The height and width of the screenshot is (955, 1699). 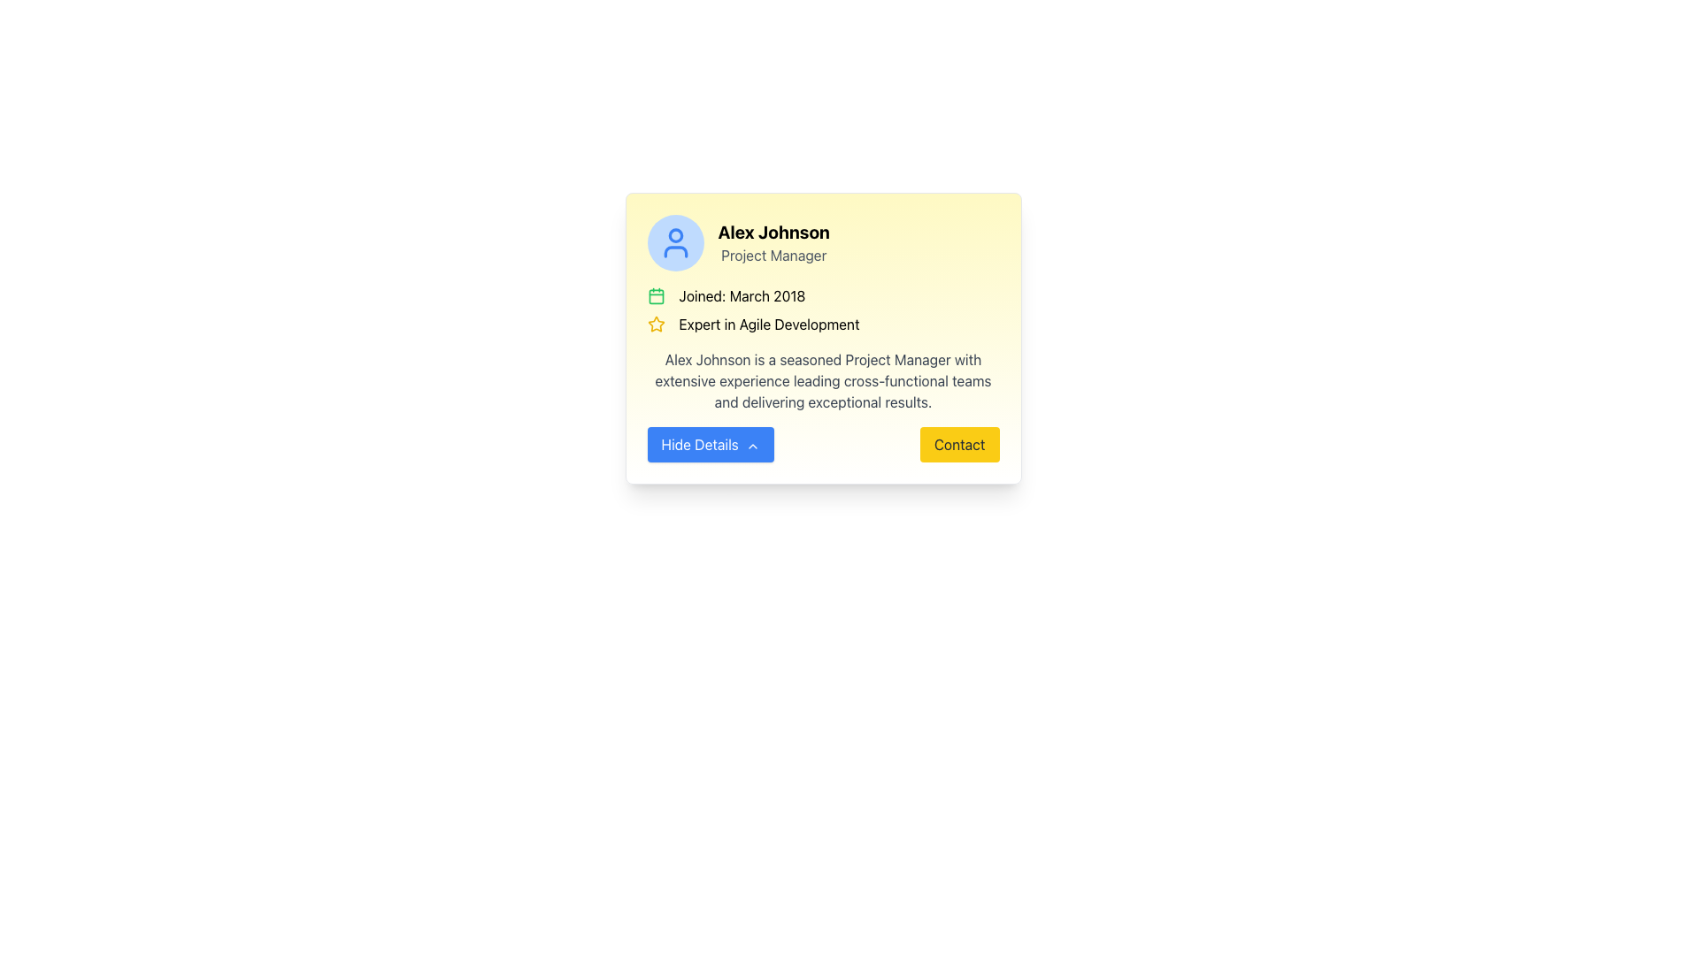 I want to click on the text label indicating expertise in Agile Development located beneath the 'Joined: March 2018' section of the profile card, to the right of the yellow star icon, so click(x=769, y=324).